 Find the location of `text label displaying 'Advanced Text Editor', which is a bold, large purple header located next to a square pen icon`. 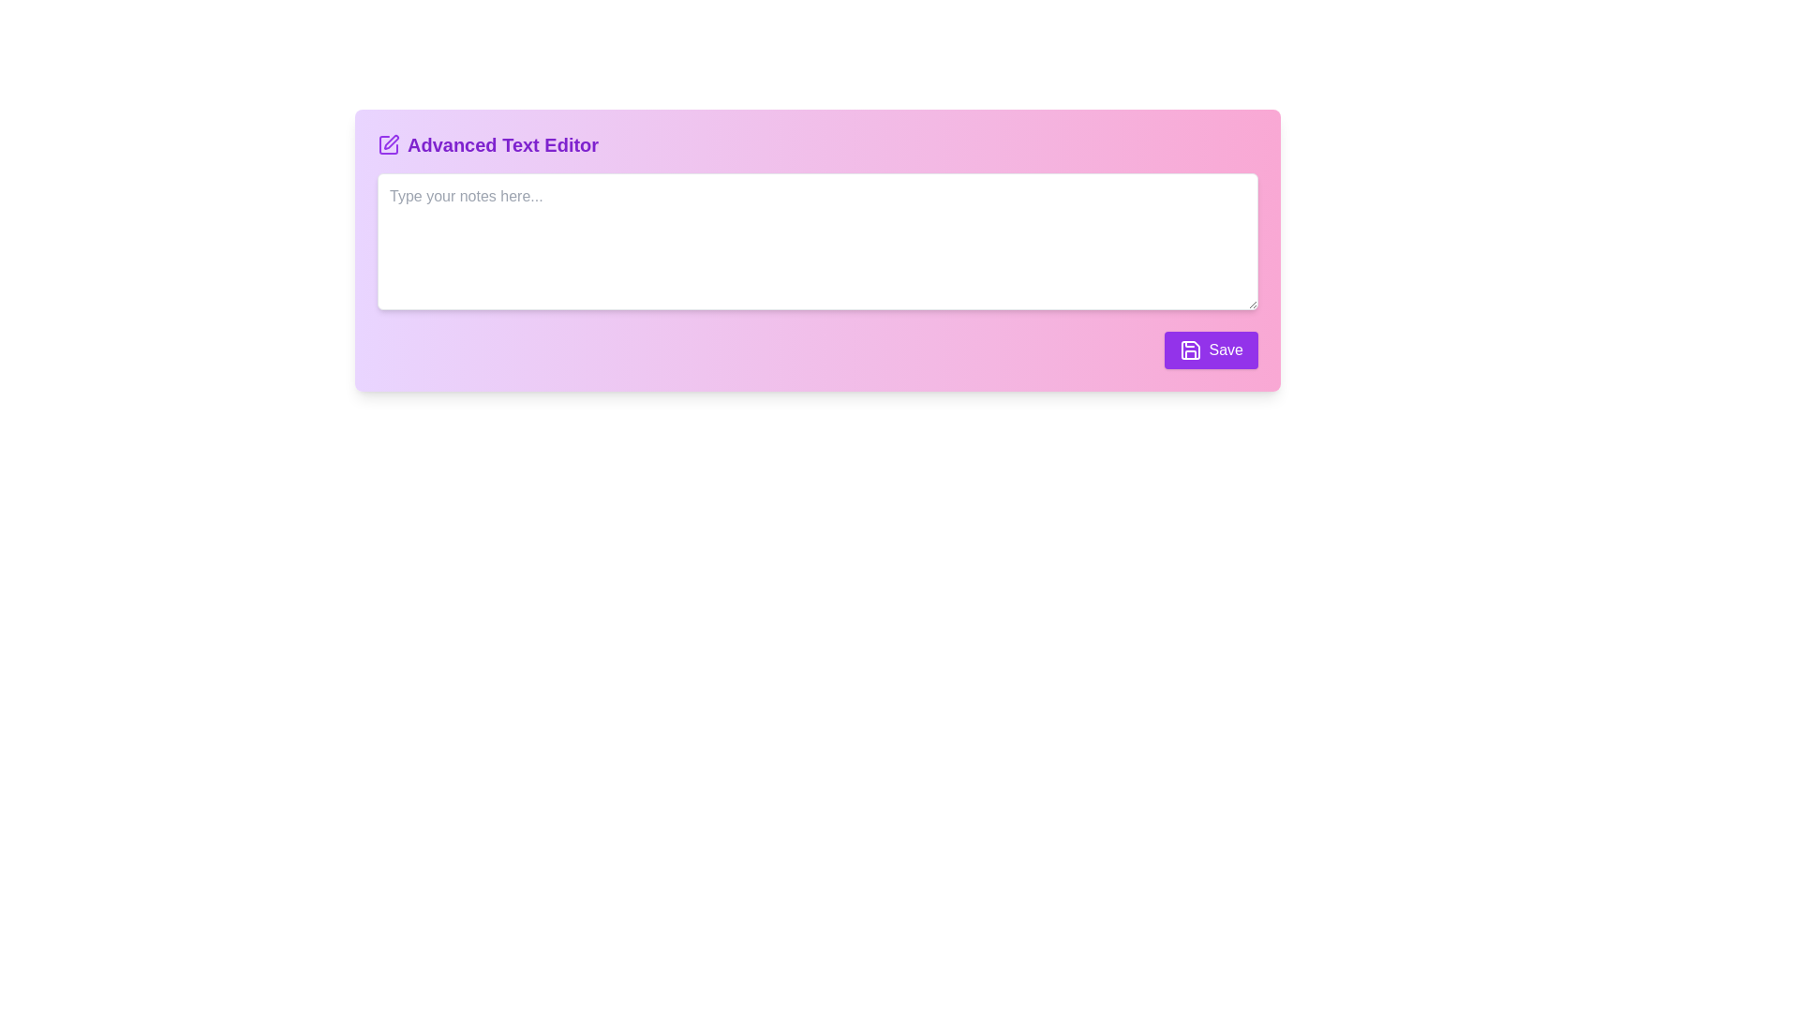

text label displaying 'Advanced Text Editor', which is a bold, large purple header located next to a square pen icon is located at coordinates (503, 143).